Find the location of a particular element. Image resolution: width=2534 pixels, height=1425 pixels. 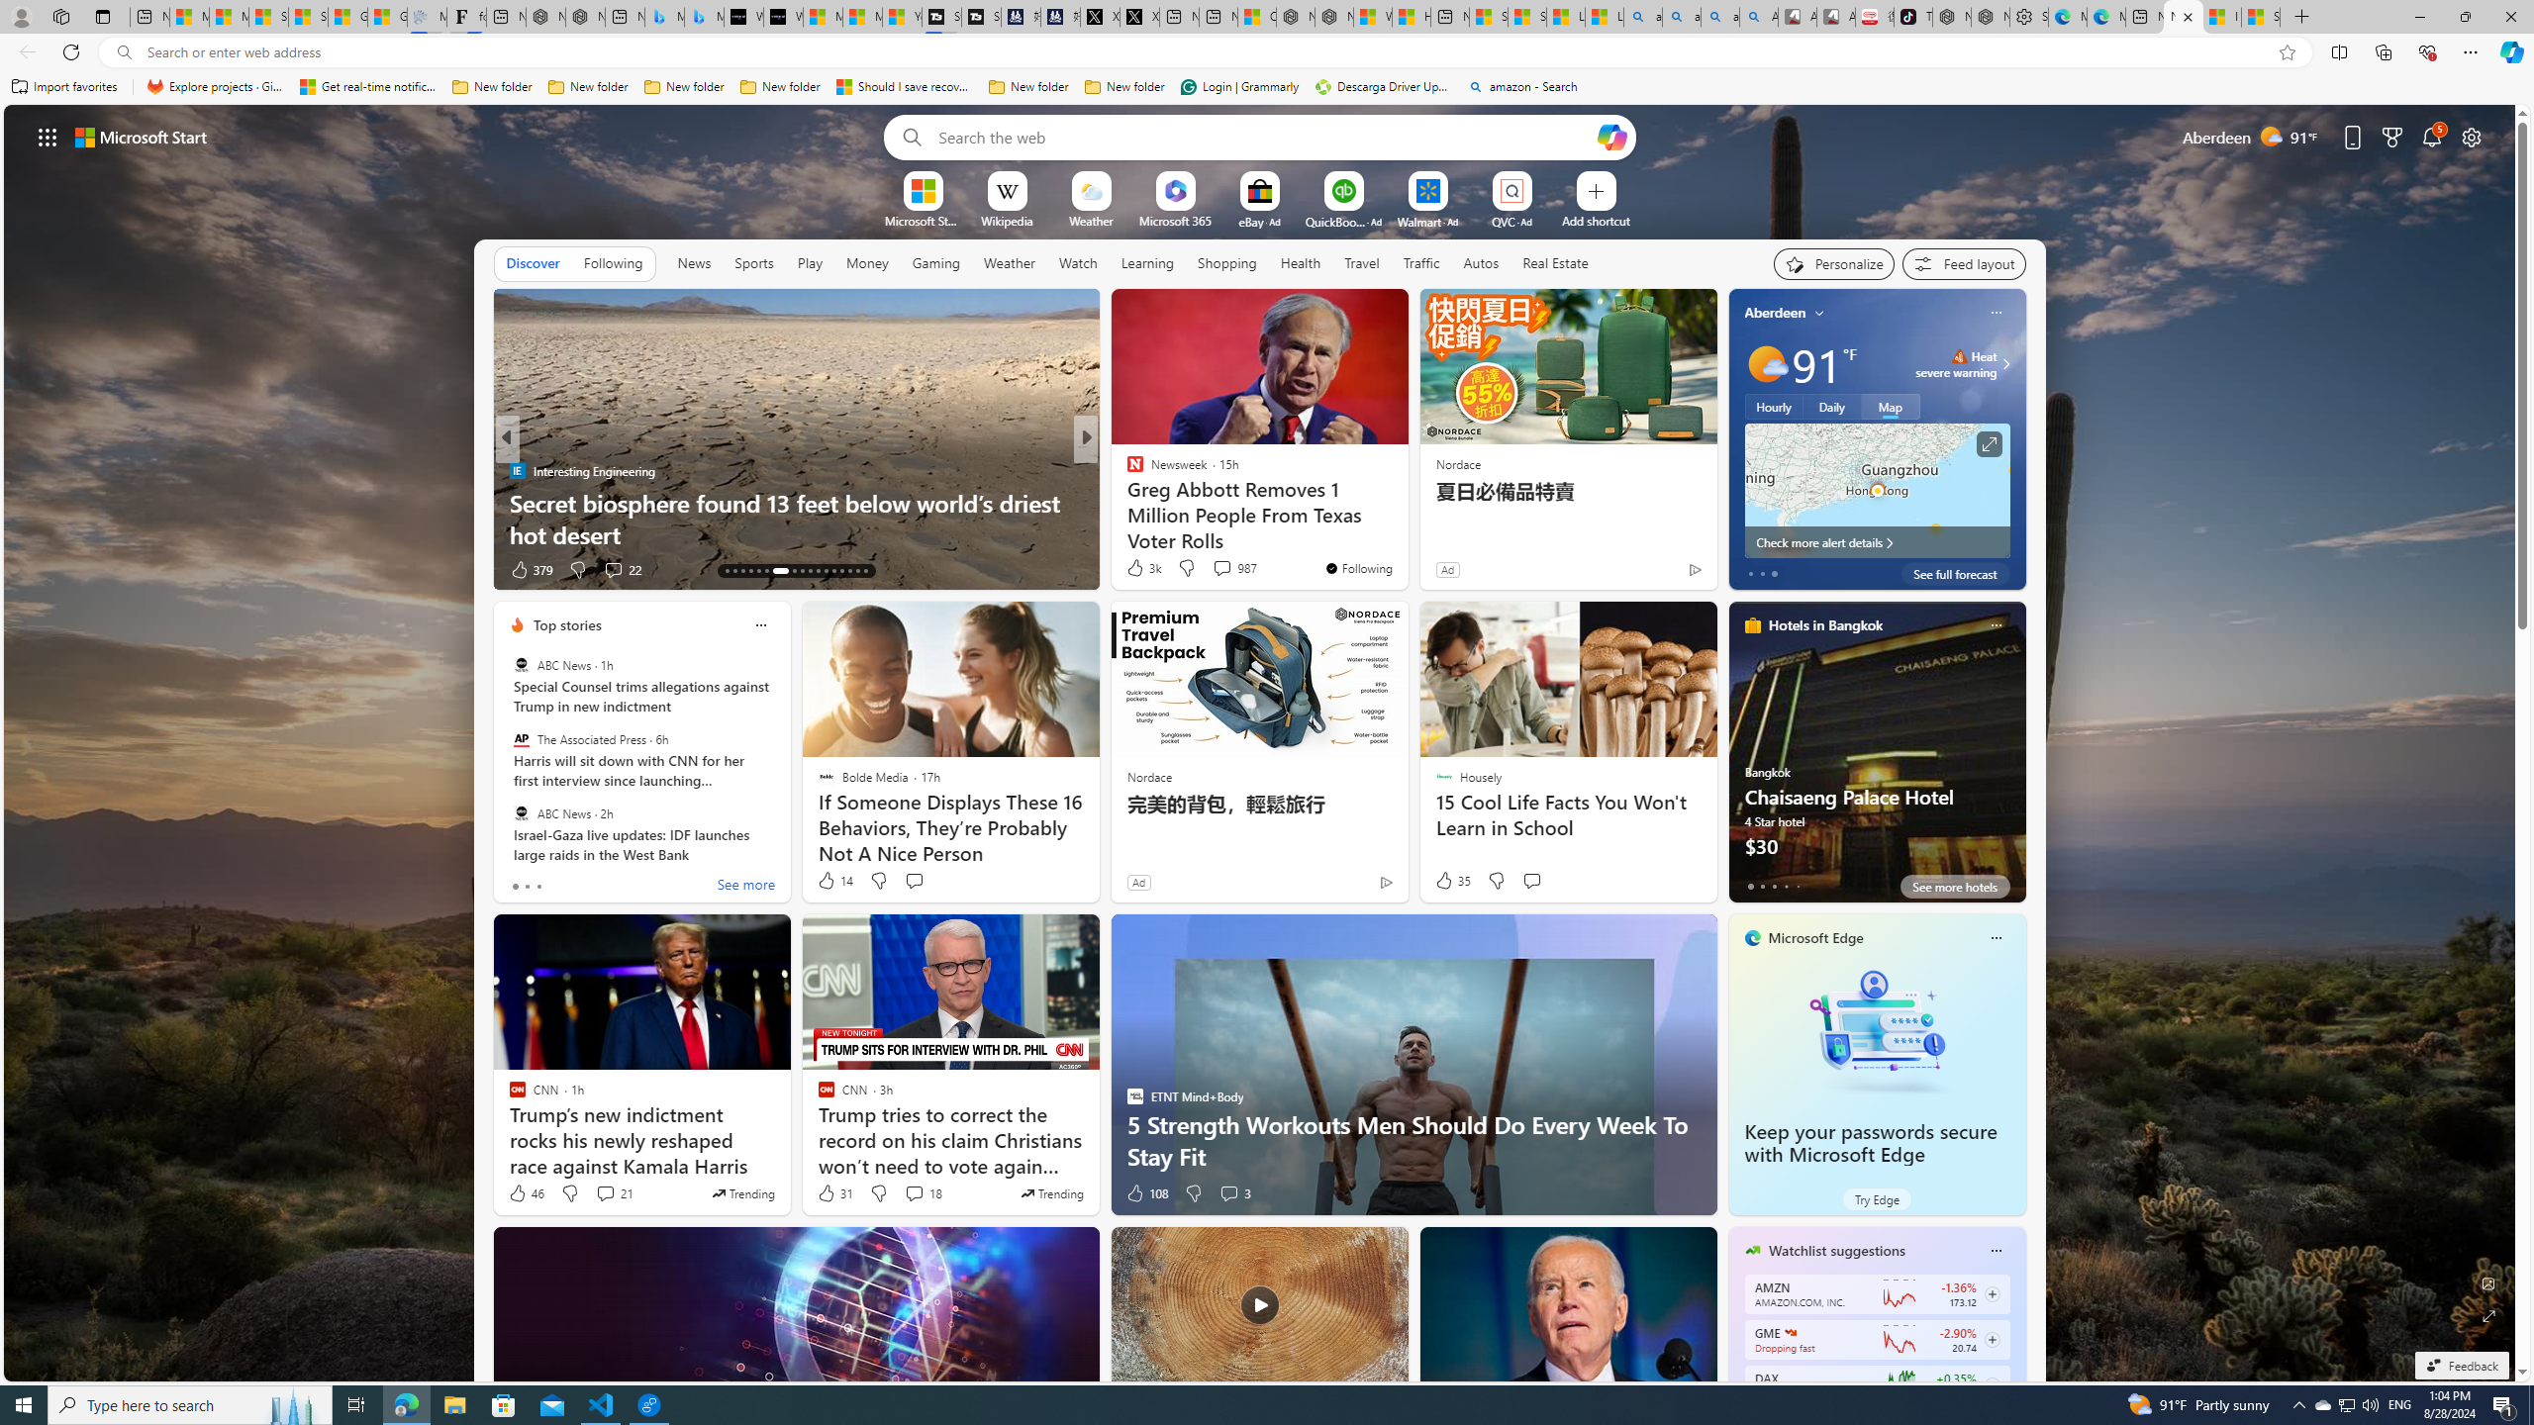

'AutomationID: tab-22' is located at coordinates (808, 571).